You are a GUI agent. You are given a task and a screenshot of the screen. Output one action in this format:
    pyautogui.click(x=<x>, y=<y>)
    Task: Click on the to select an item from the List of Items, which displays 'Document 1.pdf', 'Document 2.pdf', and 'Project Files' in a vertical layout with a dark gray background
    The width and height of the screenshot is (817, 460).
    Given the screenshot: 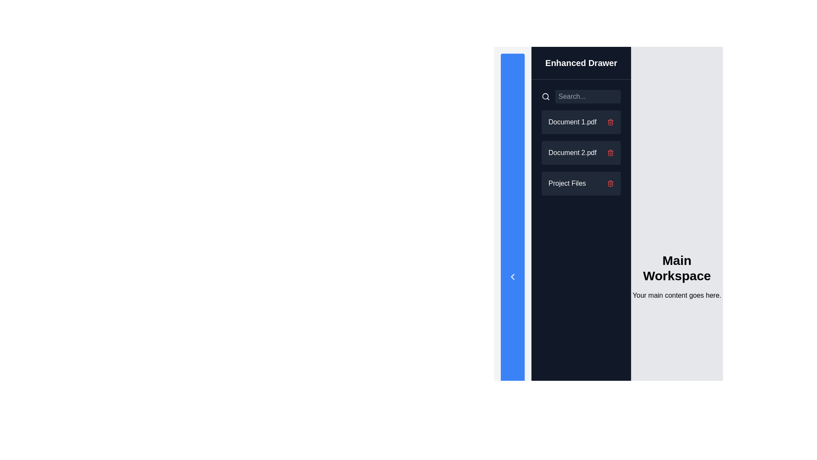 What is the action you would take?
    pyautogui.click(x=581, y=142)
    